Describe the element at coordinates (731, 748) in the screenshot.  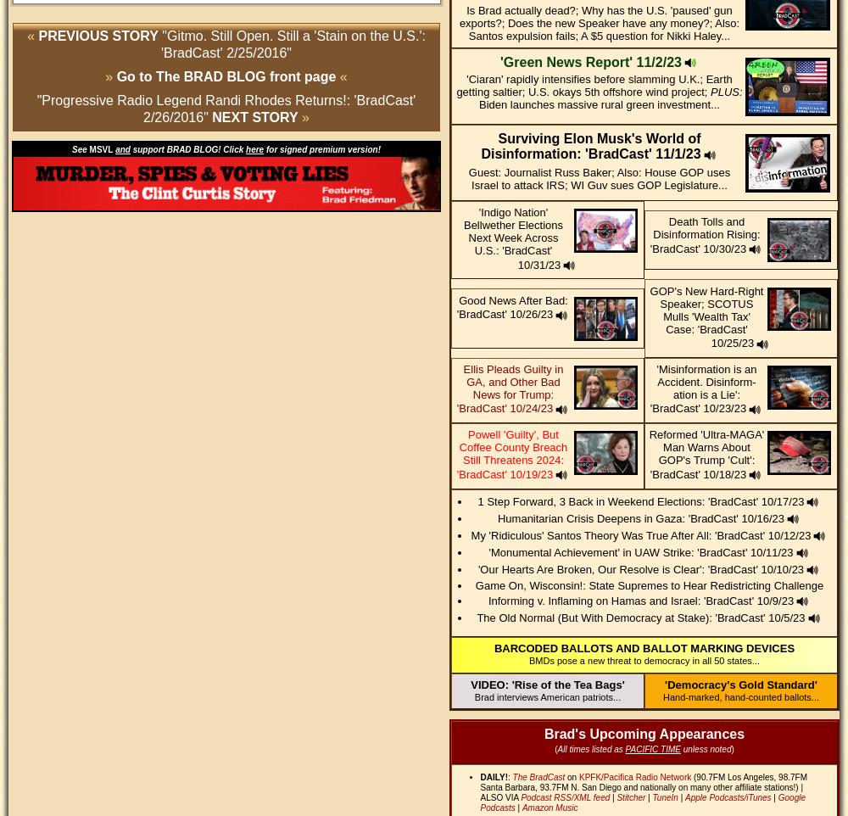
I see `')'` at that location.